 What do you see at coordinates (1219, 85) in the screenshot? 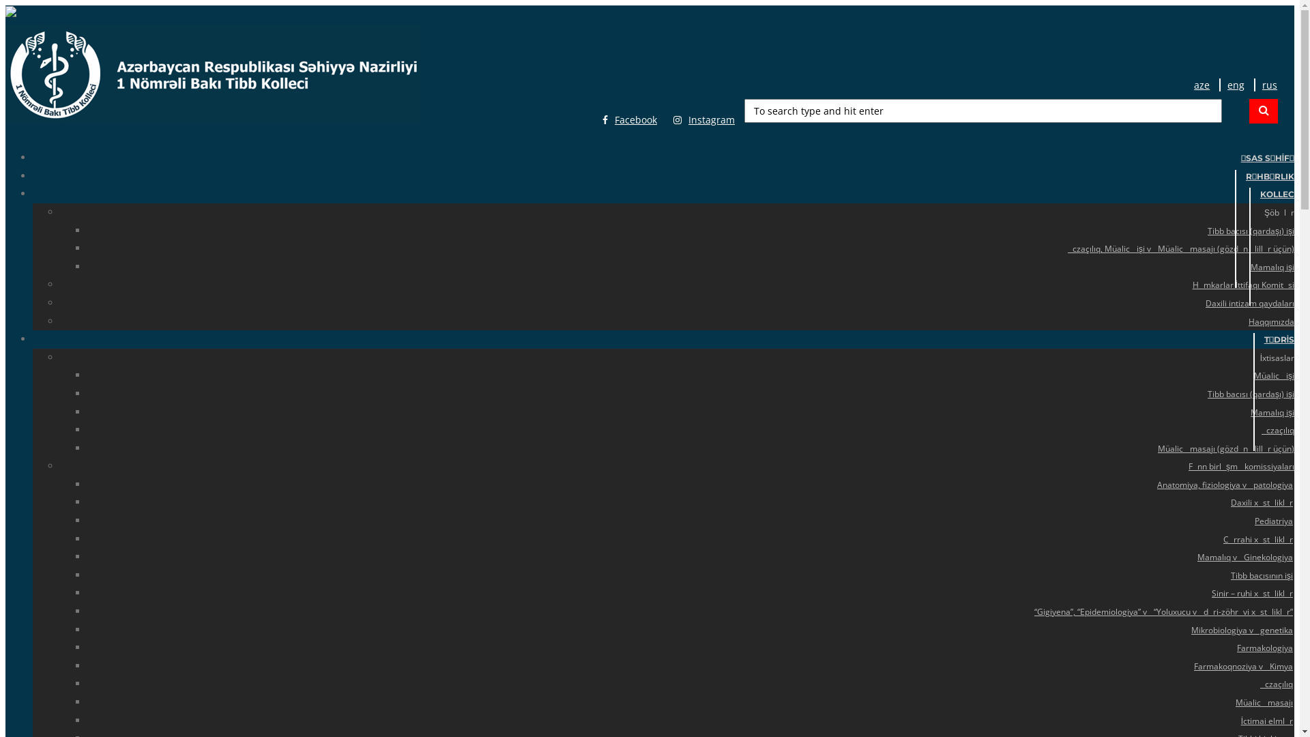
I see `'eng'` at bounding box center [1219, 85].